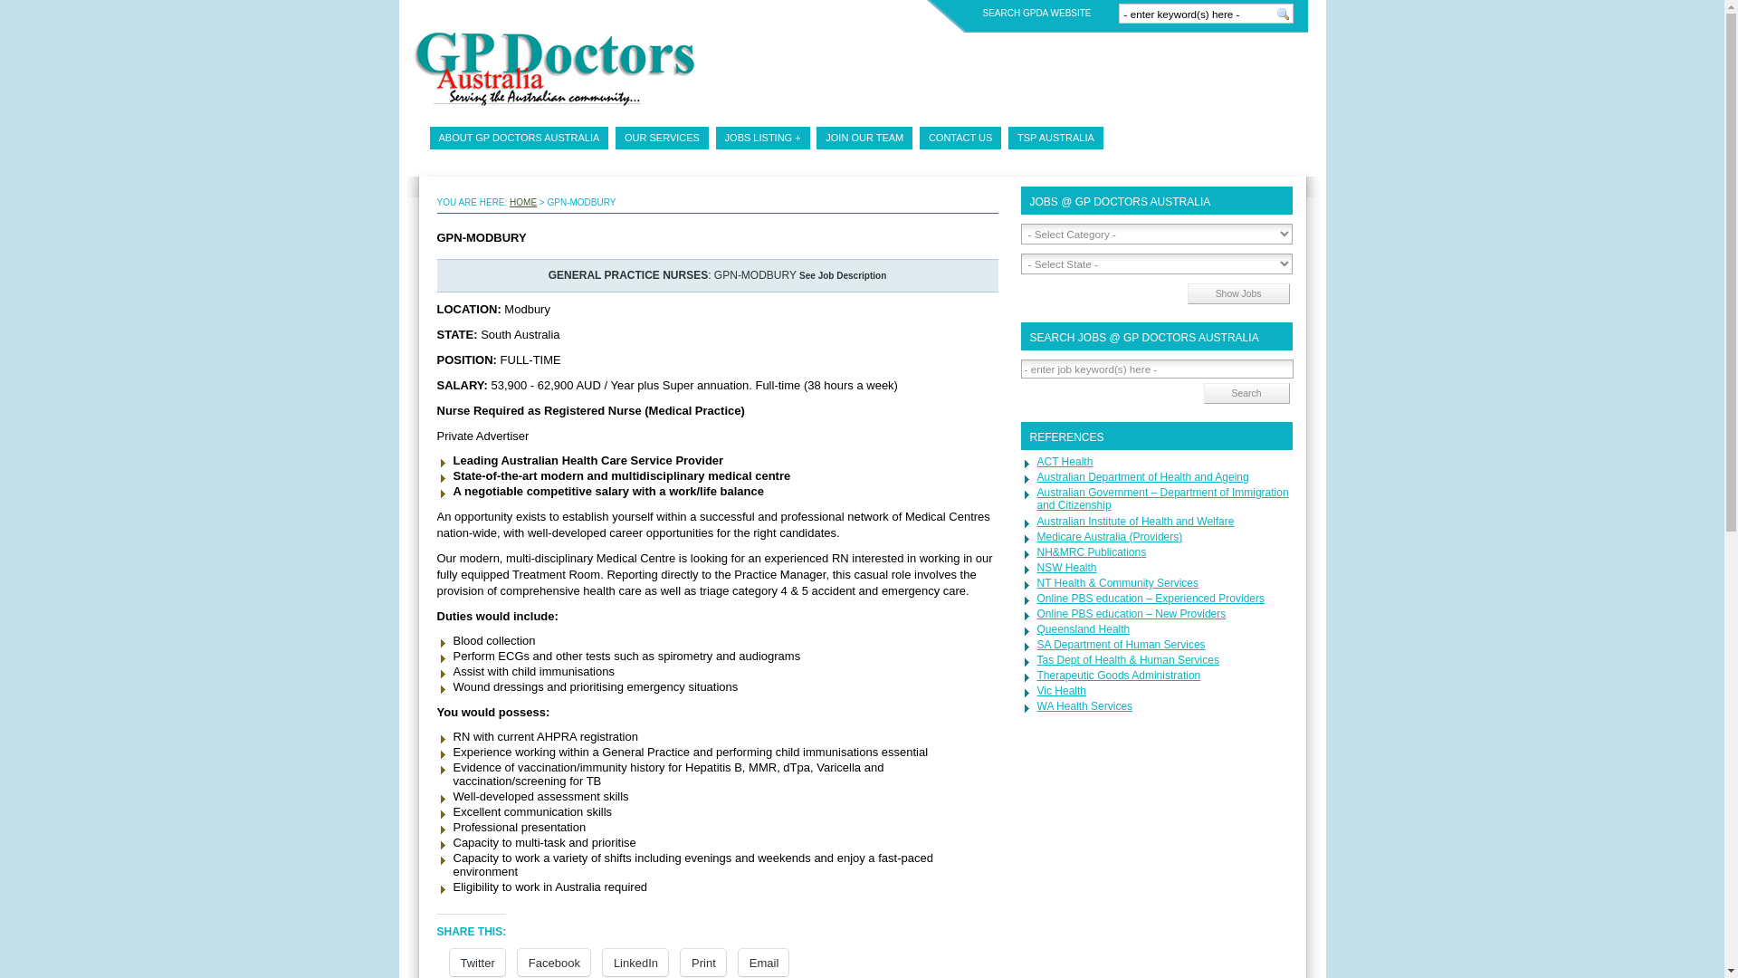  What do you see at coordinates (960, 137) in the screenshot?
I see `'CONTACT US'` at bounding box center [960, 137].